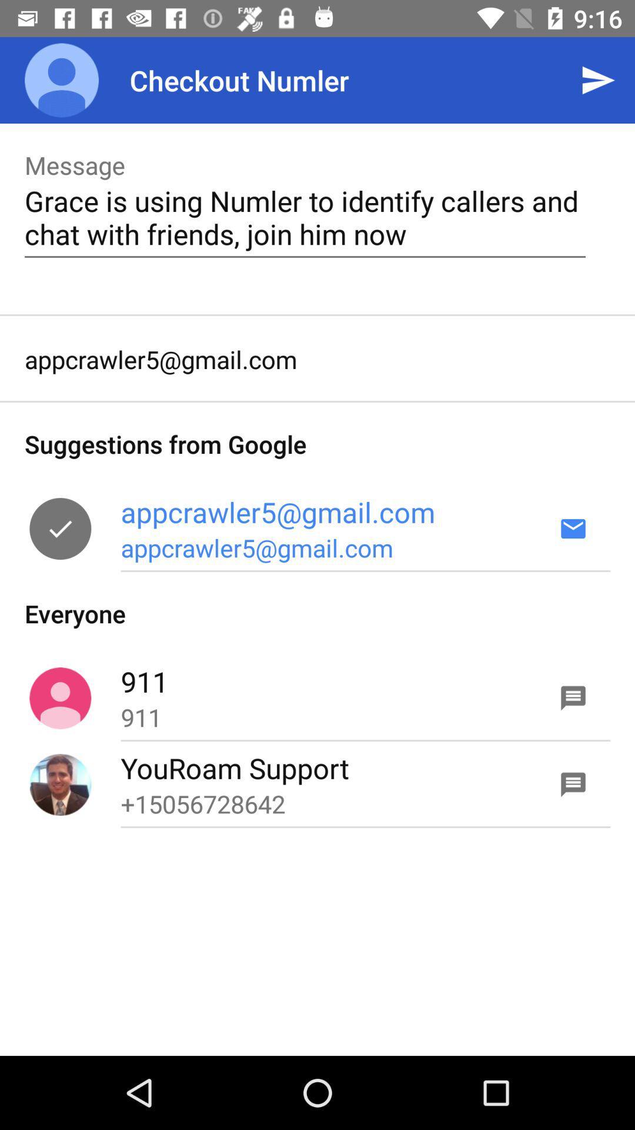 This screenshot has width=635, height=1130. Describe the element at coordinates (598, 79) in the screenshot. I see `the icon to the right of checkout numler app` at that location.